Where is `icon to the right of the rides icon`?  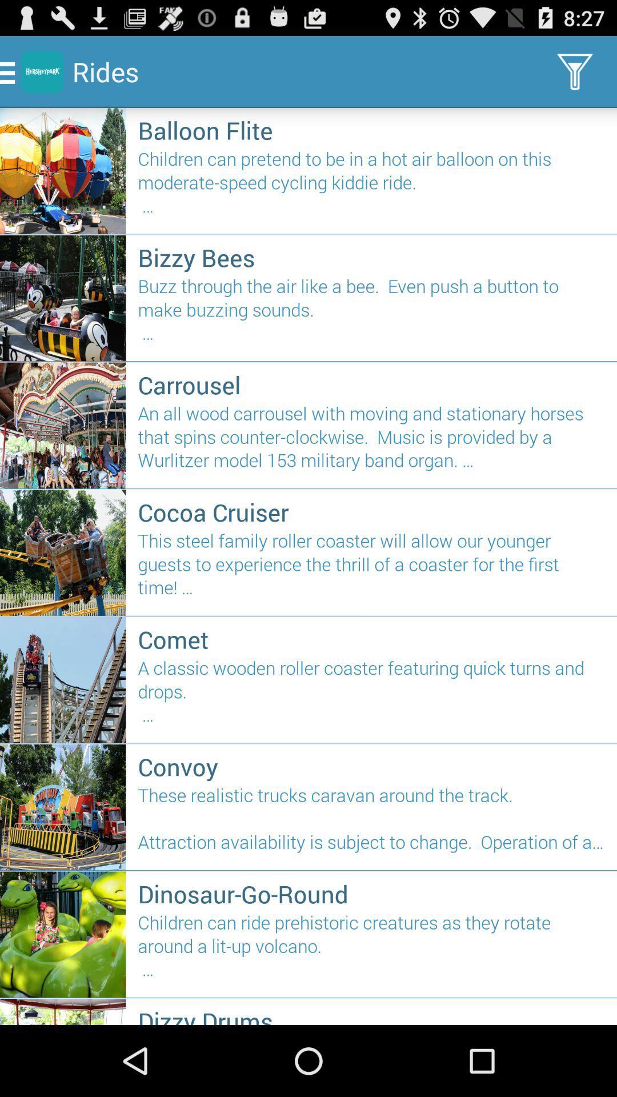
icon to the right of the rides icon is located at coordinates (575, 71).